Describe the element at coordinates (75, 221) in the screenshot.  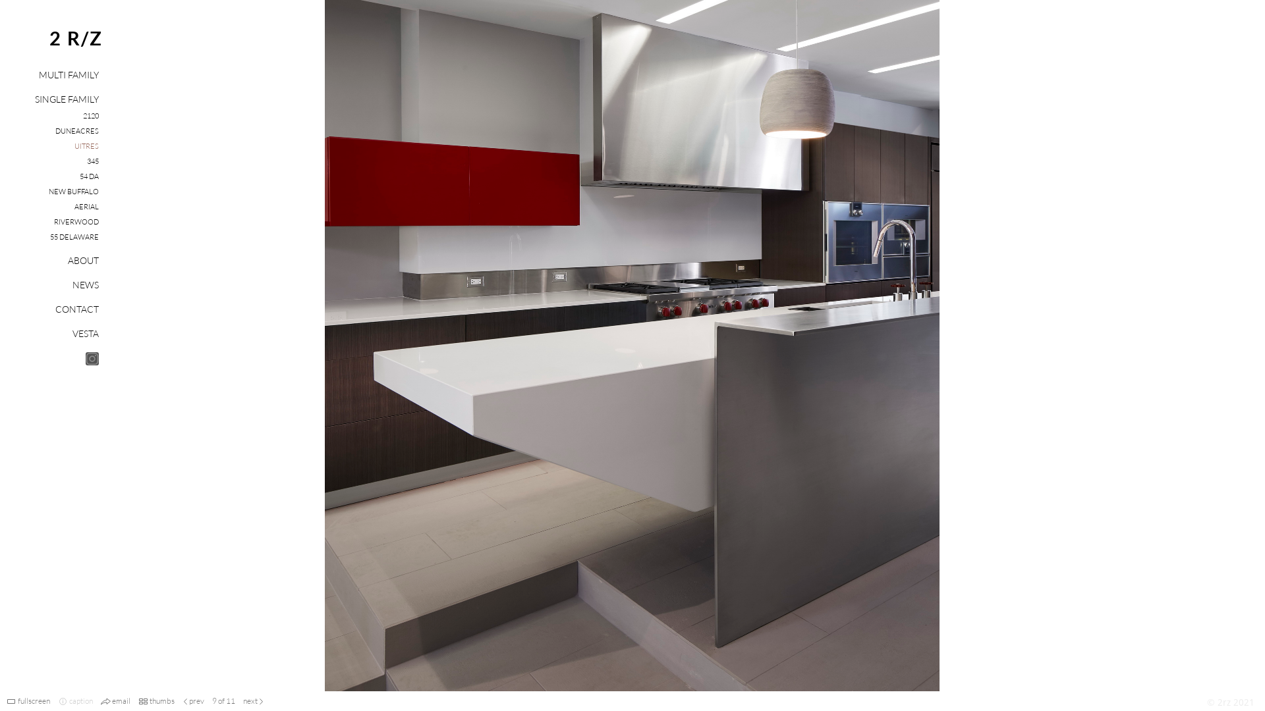
I see `'RIVERWOOD'` at that location.